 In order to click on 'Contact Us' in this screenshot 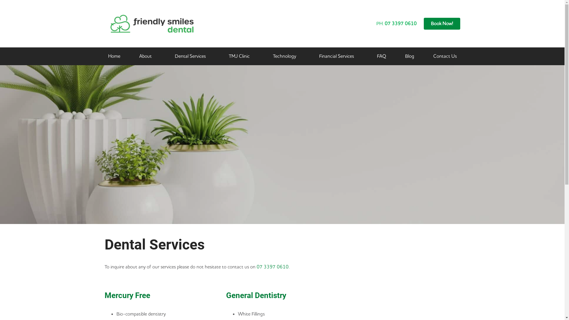, I will do `click(445, 56)`.